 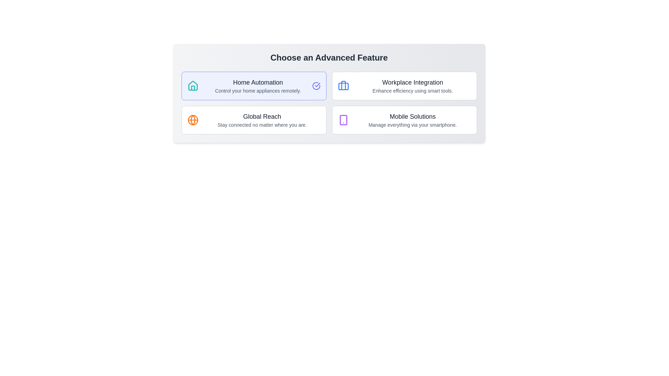 What do you see at coordinates (343, 119) in the screenshot?
I see `the smartphone icon with a purple color located in the 'Mobile Solutions' card in the 'Choose an Advanced Feature' section` at bounding box center [343, 119].